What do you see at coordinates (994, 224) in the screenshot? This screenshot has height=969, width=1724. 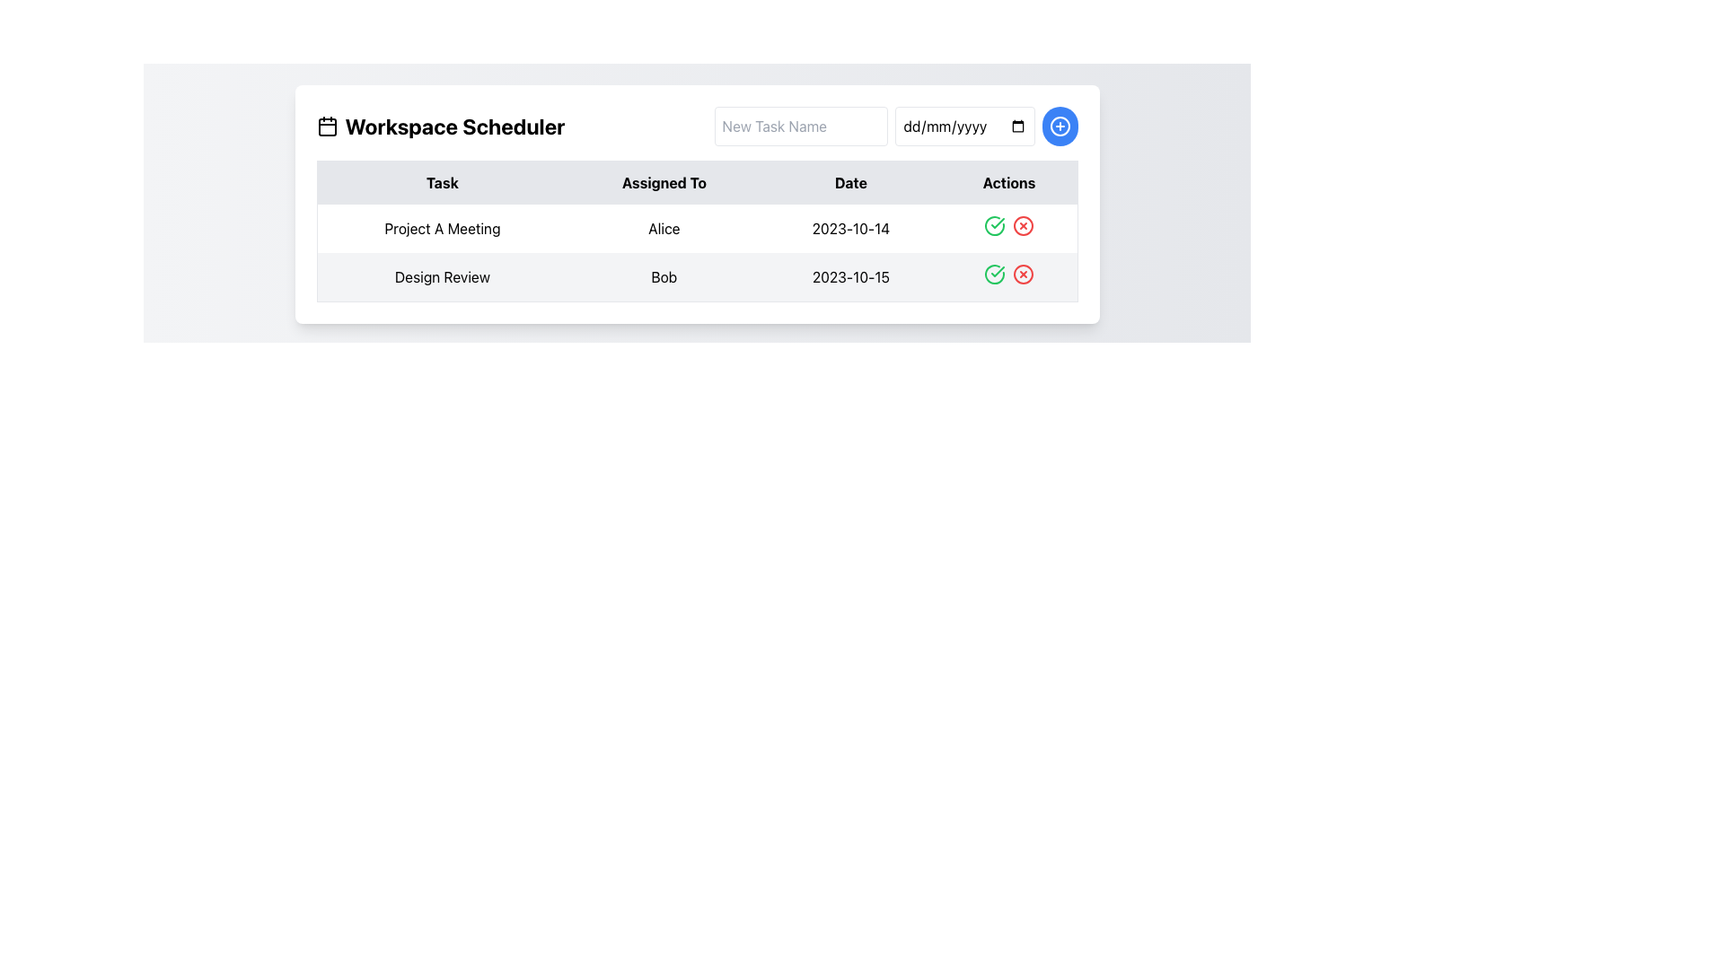 I see `the green circular button with a check mark inside to mark the task as approved or completed, located in the second row of the 'Workspace Scheduler' table` at bounding box center [994, 224].